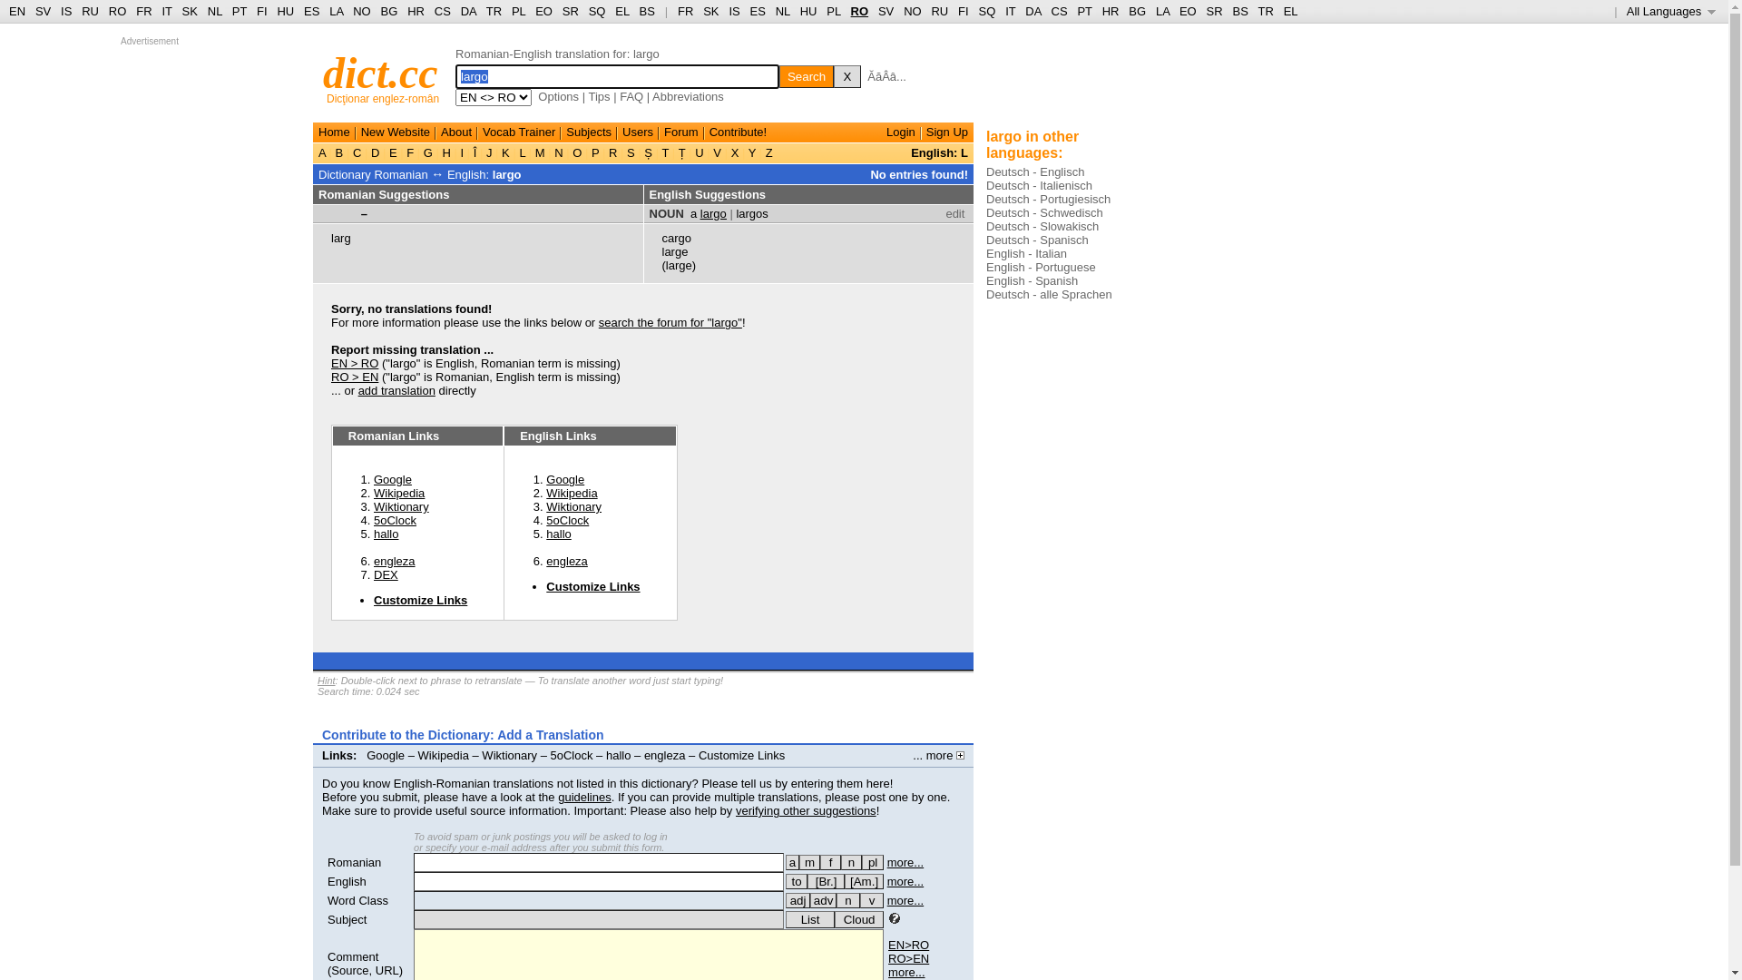 The width and height of the screenshot is (1742, 980). I want to click on 'New Website', so click(361, 131).